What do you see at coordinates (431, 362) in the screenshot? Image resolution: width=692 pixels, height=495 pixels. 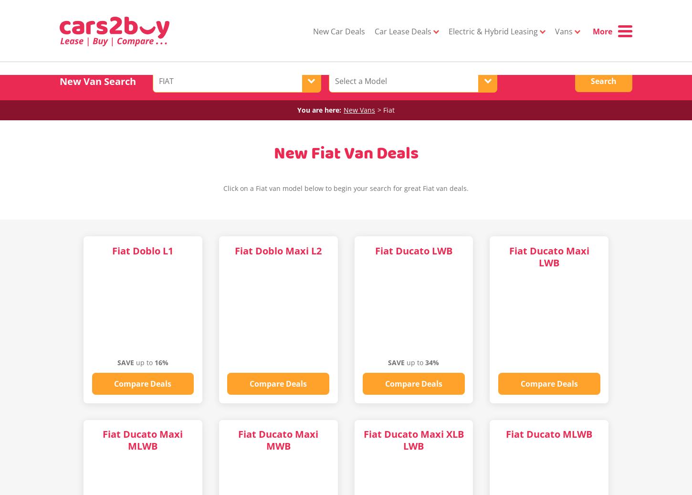 I see `'34%'` at bounding box center [431, 362].